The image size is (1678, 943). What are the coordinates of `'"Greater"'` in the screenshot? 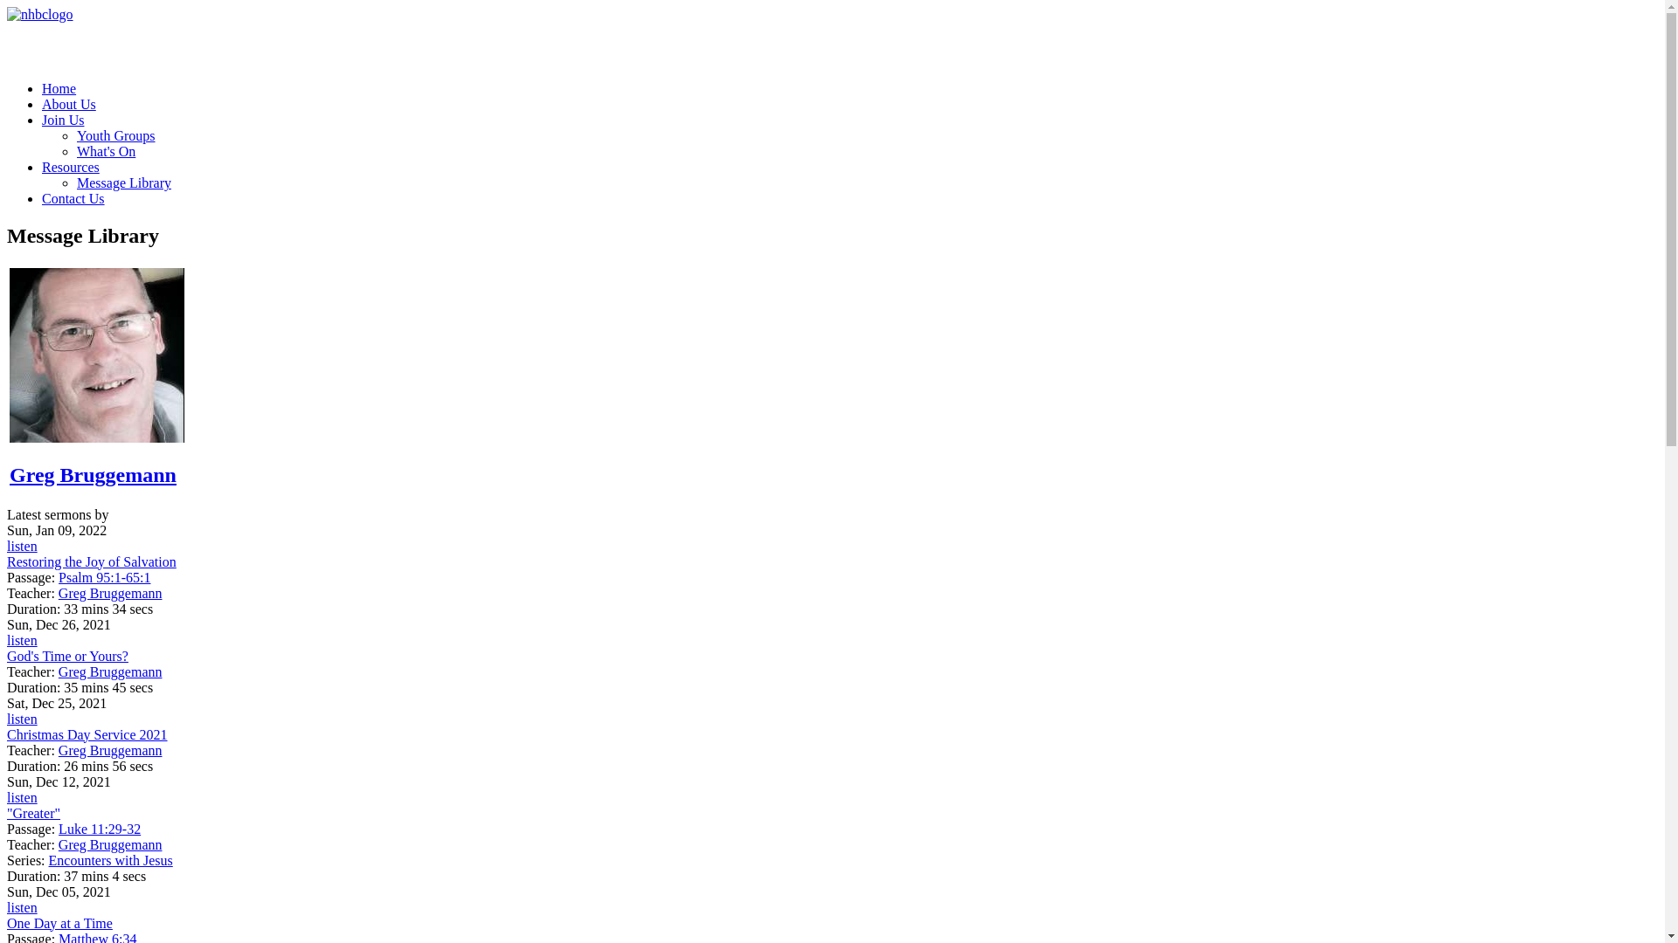 It's located at (33, 813).